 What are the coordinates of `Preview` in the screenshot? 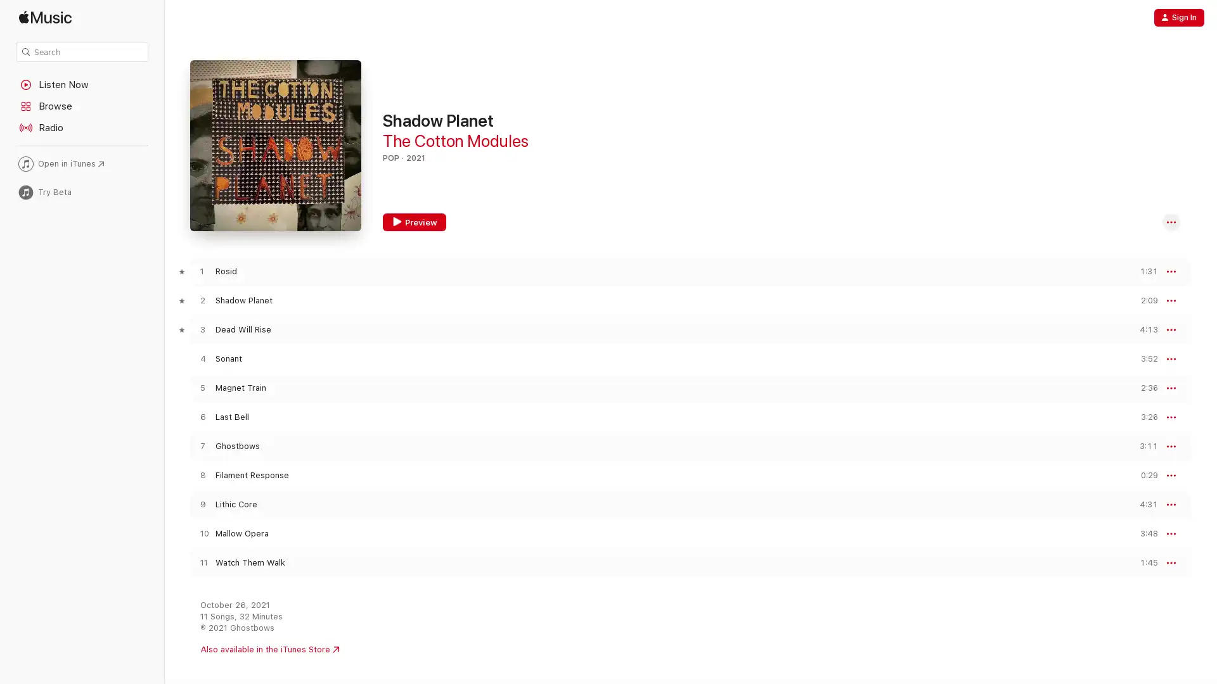 It's located at (1143, 562).